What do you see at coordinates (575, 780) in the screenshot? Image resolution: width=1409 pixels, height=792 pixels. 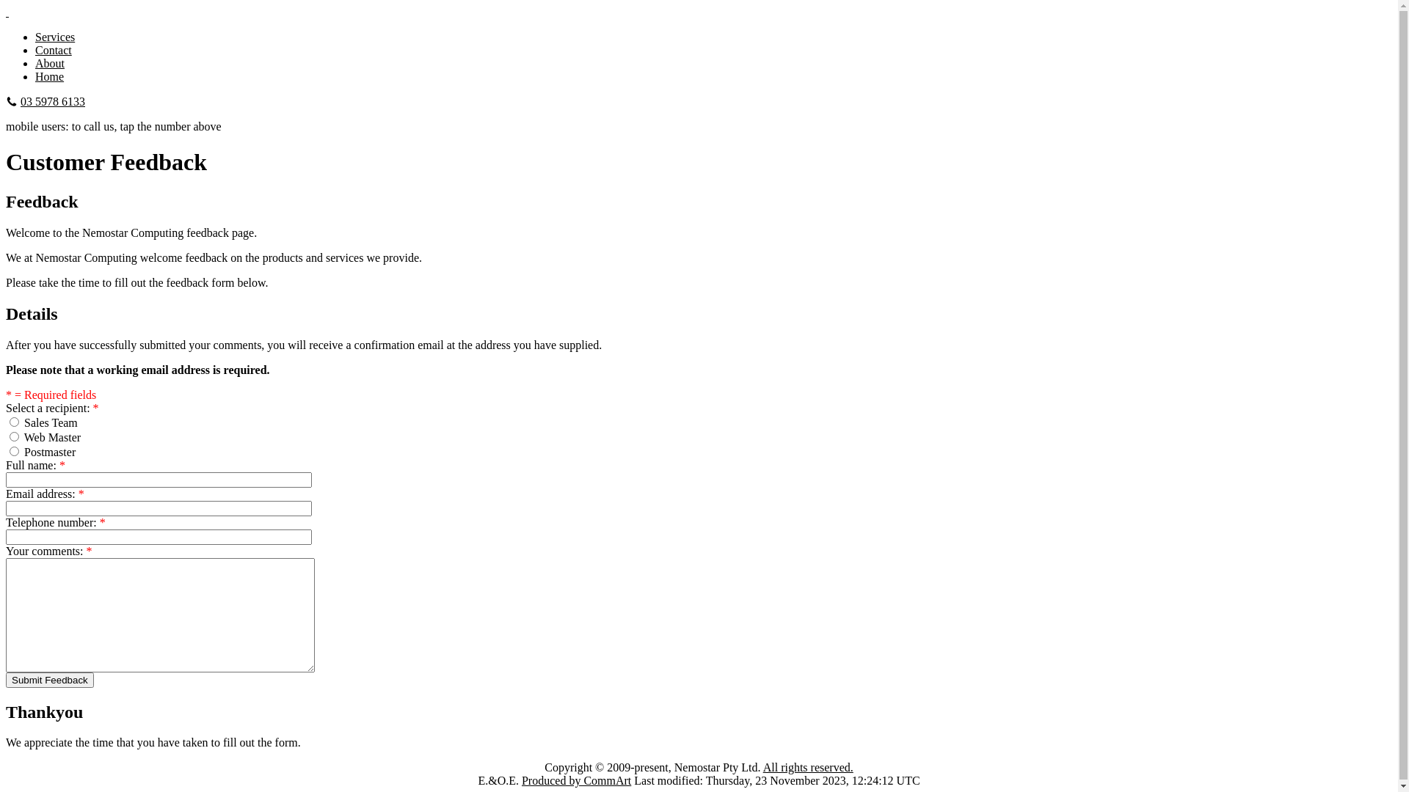 I see `'Produced by CommArt'` at bounding box center [575, 780].